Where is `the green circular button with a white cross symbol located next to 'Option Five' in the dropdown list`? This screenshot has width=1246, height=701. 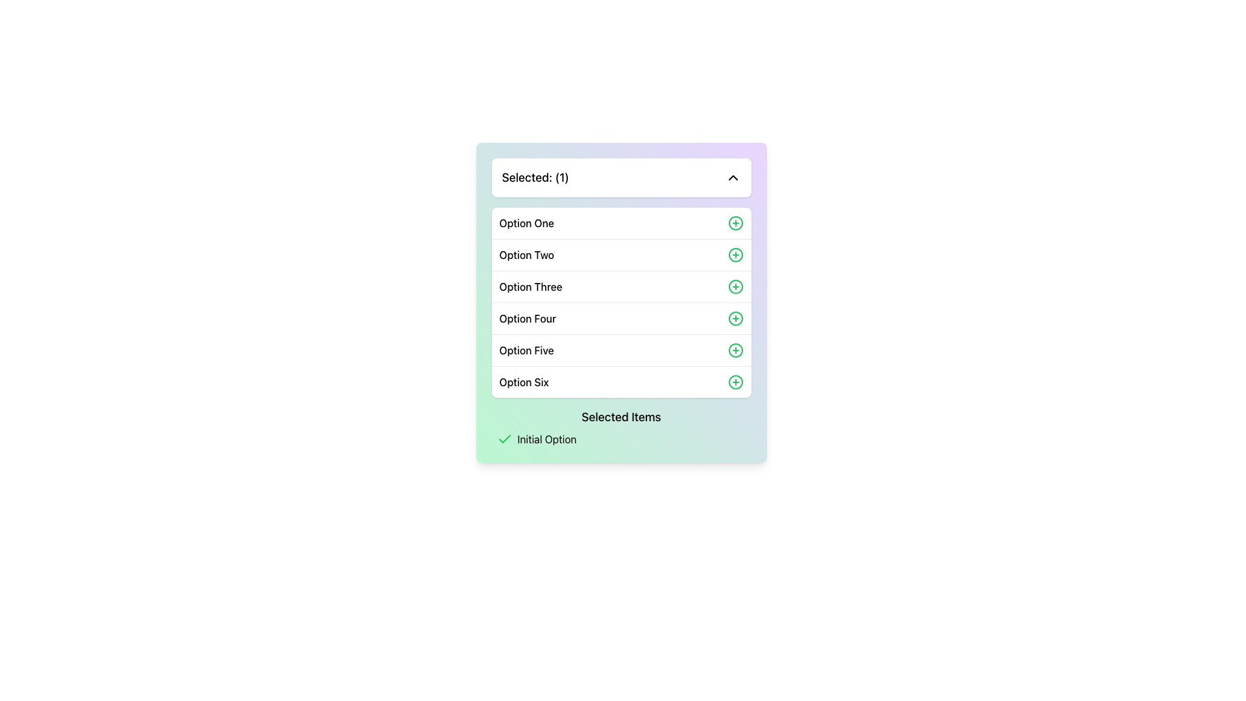
the green circular button with a white cross symbol located next to 'Option Five' in the dropdown list is located at coordinates (735, 350).